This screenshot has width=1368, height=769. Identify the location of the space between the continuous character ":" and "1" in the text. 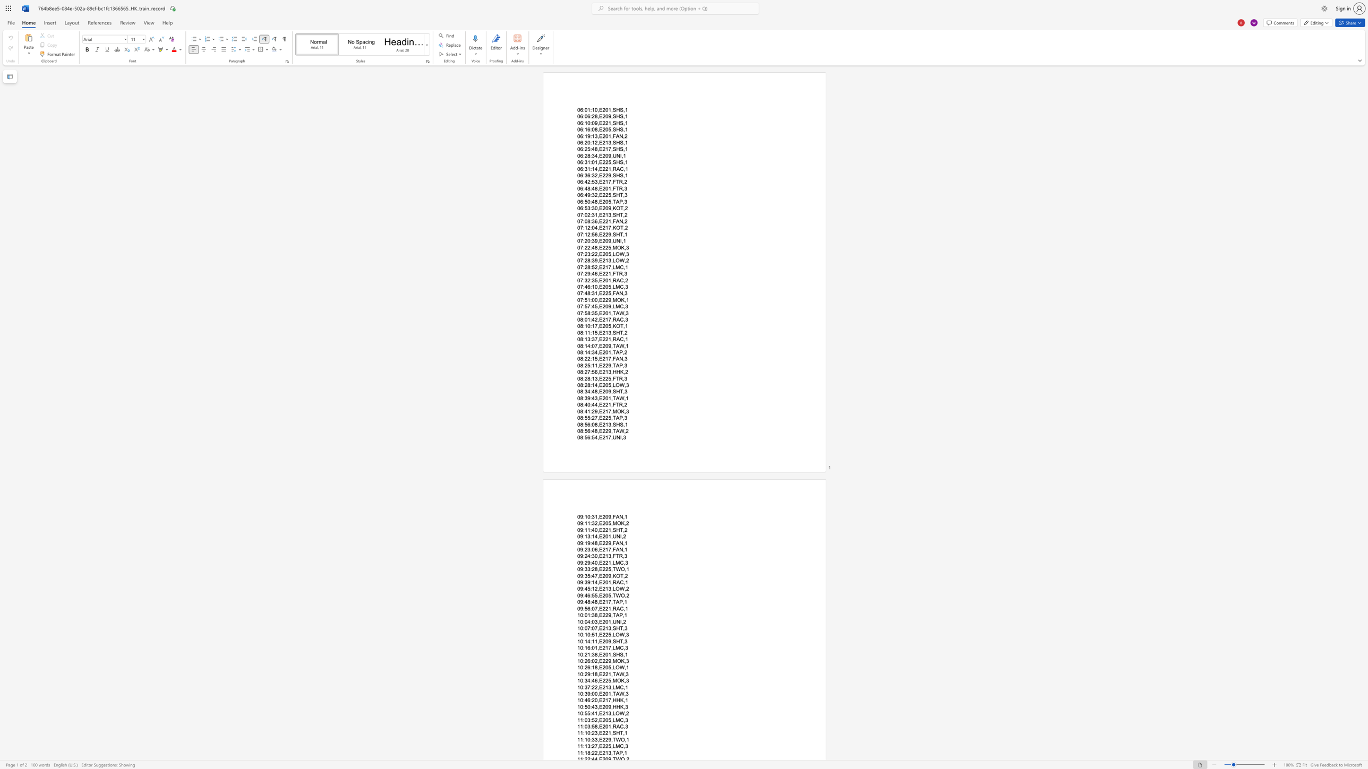
(584, 523).